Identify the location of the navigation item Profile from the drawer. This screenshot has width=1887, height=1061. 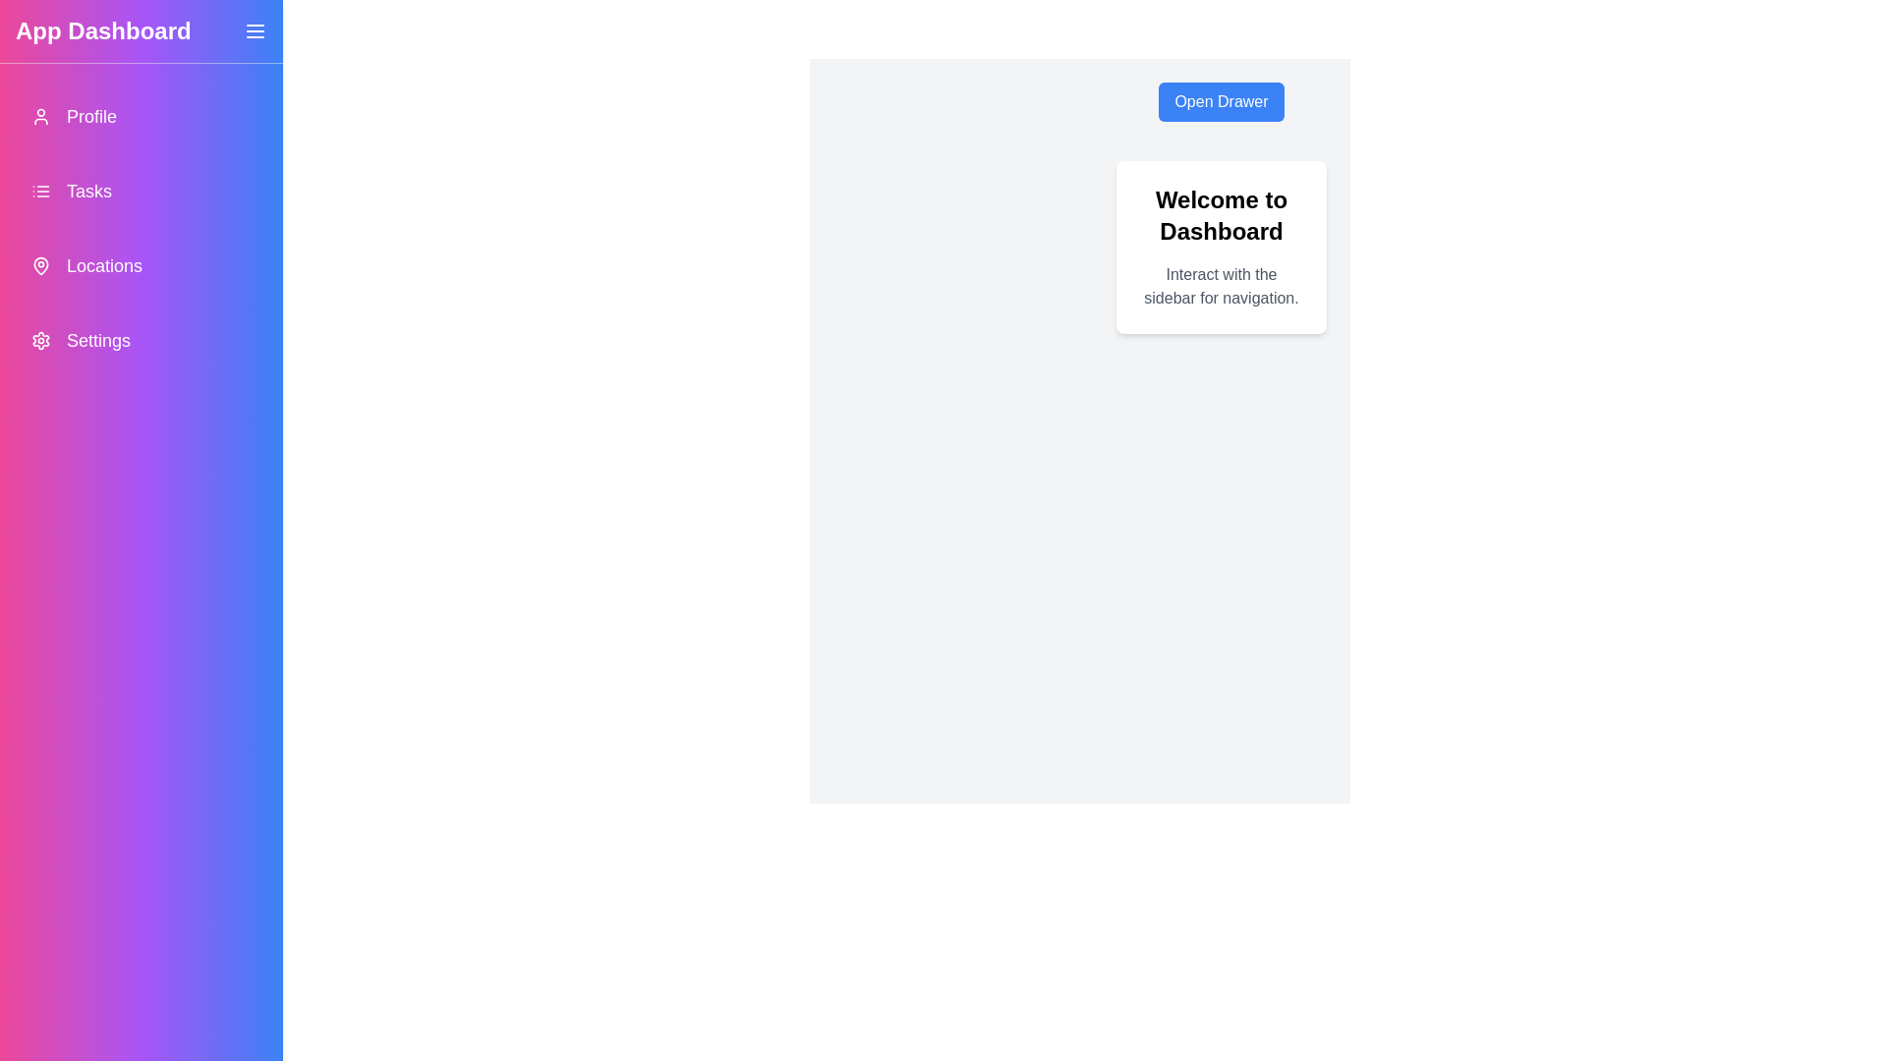
(141, 117).